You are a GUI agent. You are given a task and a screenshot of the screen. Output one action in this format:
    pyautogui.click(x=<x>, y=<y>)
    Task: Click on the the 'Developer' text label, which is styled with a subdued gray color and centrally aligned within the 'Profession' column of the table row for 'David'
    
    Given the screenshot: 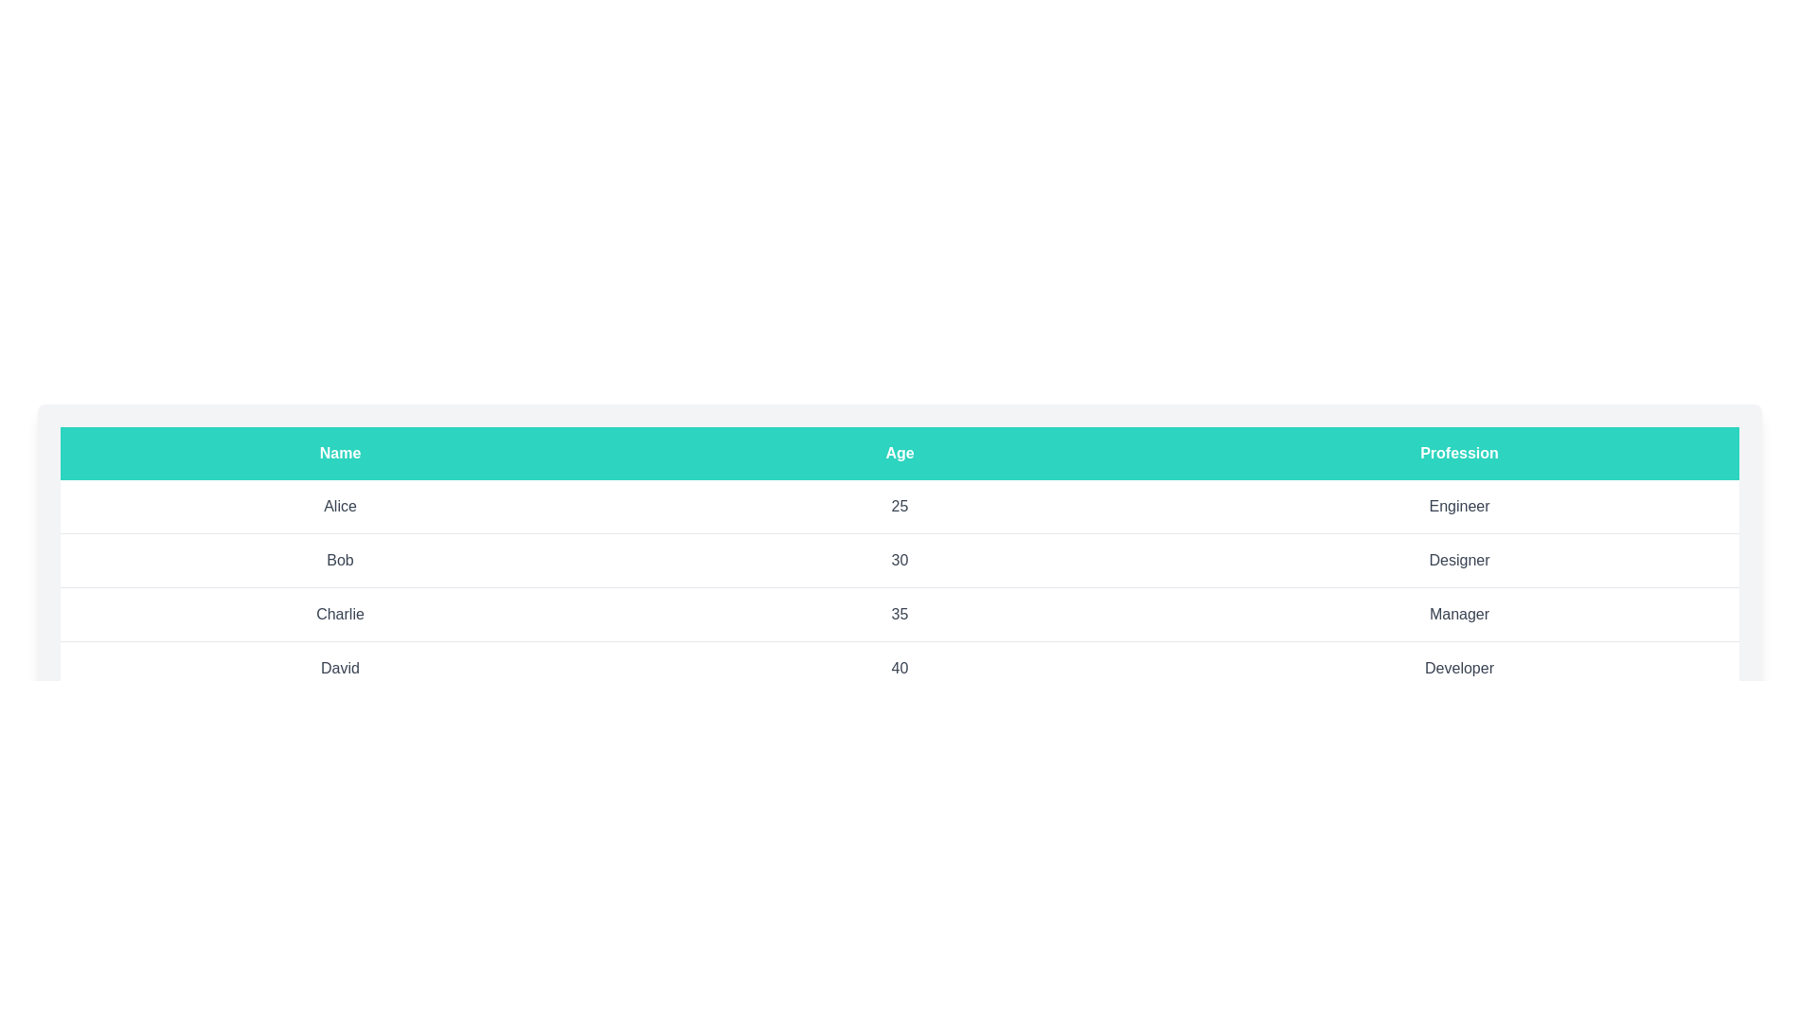 What is the action you would take?
    pyautogui.click(x=1458, y=667)
    